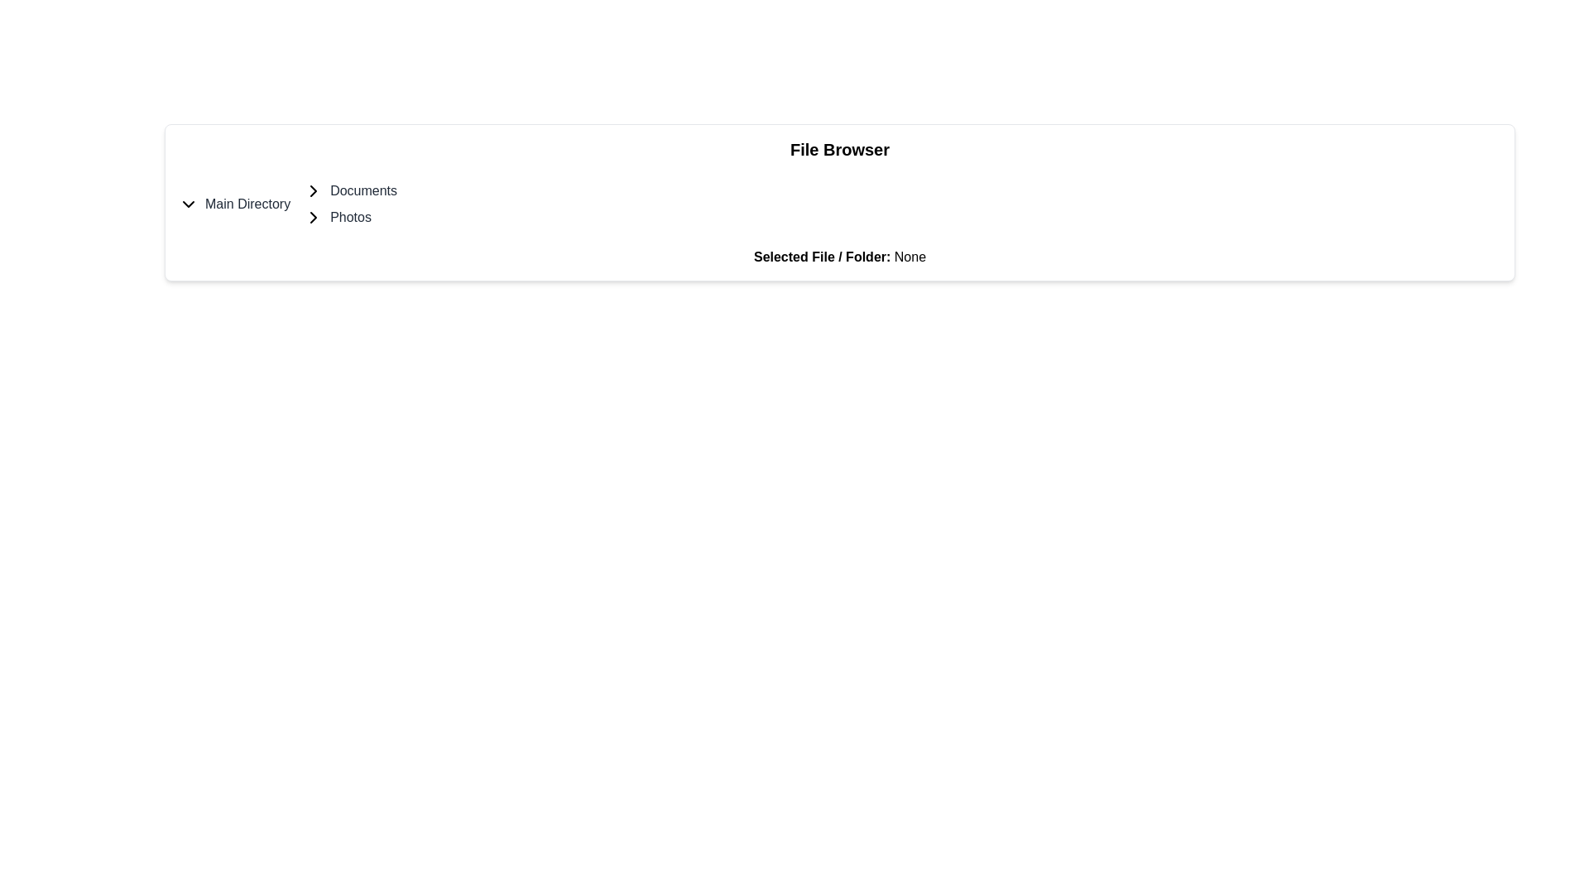 Image resolution: width=1589 pixels, height=894 pixels. Describe the element at coordinates (314, 190) in the screenshot. I see `the small right-pointing chevron icon, which is visually represented by three connected lines forming an arrow, located to the right of the 'Documents' text` at that location.